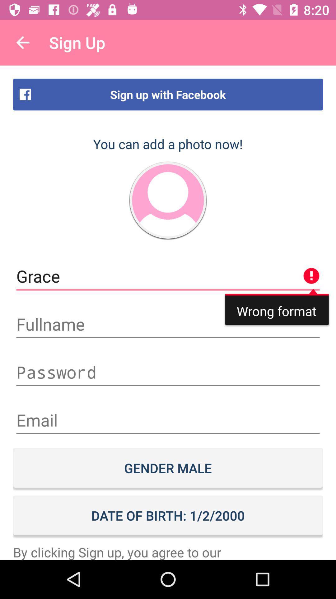 The image size is (336, 599). What do you see at coordinates (168, 200) in the screenshot?
I see `profile photo` at bounding box center [168, 200].